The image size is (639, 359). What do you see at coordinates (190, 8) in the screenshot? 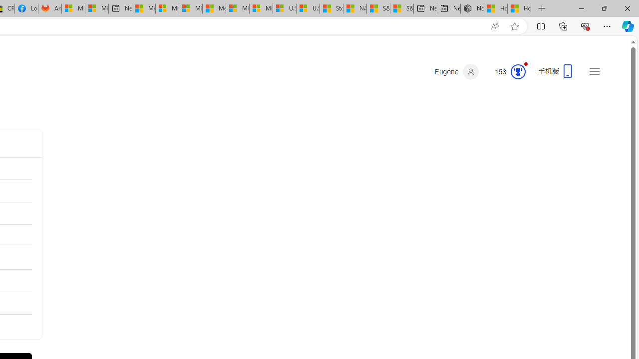
I see `'Microsoft account | Home'` at bounding box center [190, 8].